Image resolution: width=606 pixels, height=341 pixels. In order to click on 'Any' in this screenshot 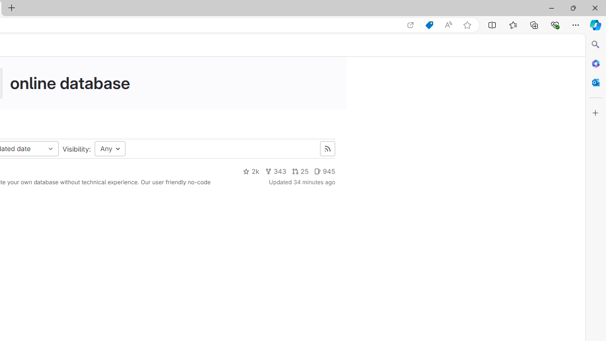, I will do `click(110, 149)`.